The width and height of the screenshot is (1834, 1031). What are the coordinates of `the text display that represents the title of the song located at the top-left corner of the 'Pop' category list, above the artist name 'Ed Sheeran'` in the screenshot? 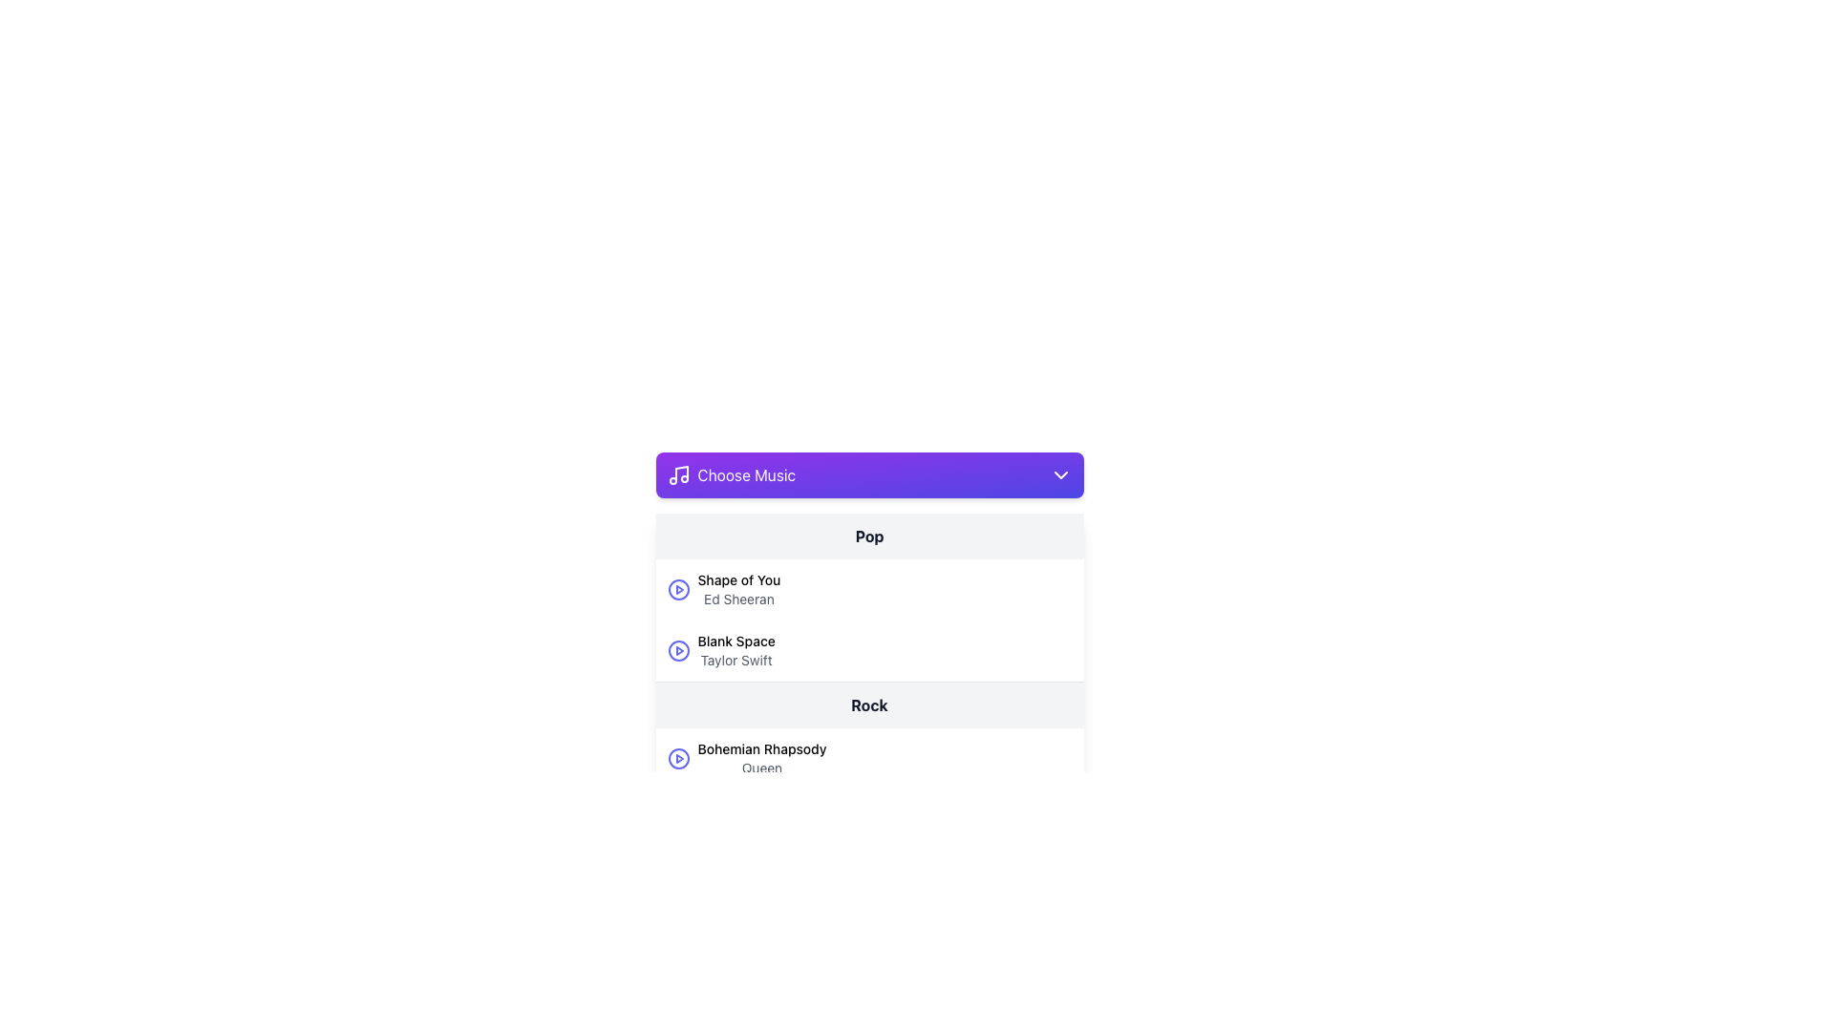 It's located at (737, 579).